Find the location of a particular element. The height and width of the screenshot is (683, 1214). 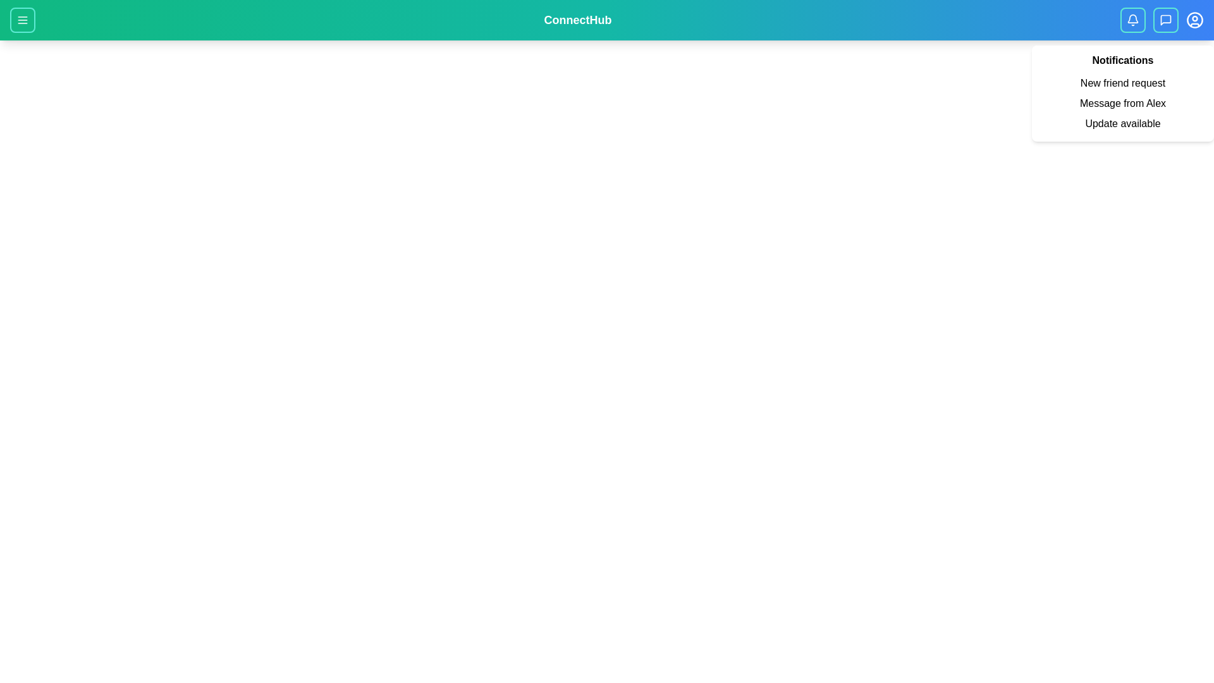

the user profile button located at the top-right corner of the app bar is located at coordinates (1194, 20).